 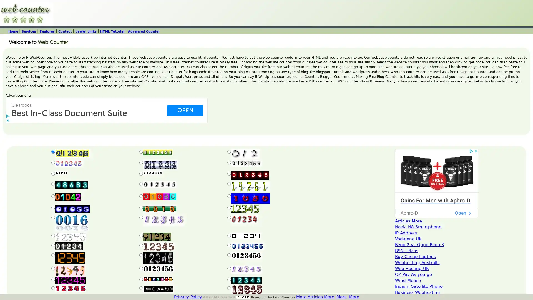 What do you see at coordinates (70, 288) in the screenshot?
I see `Submit` at bounding box center [70, 288].